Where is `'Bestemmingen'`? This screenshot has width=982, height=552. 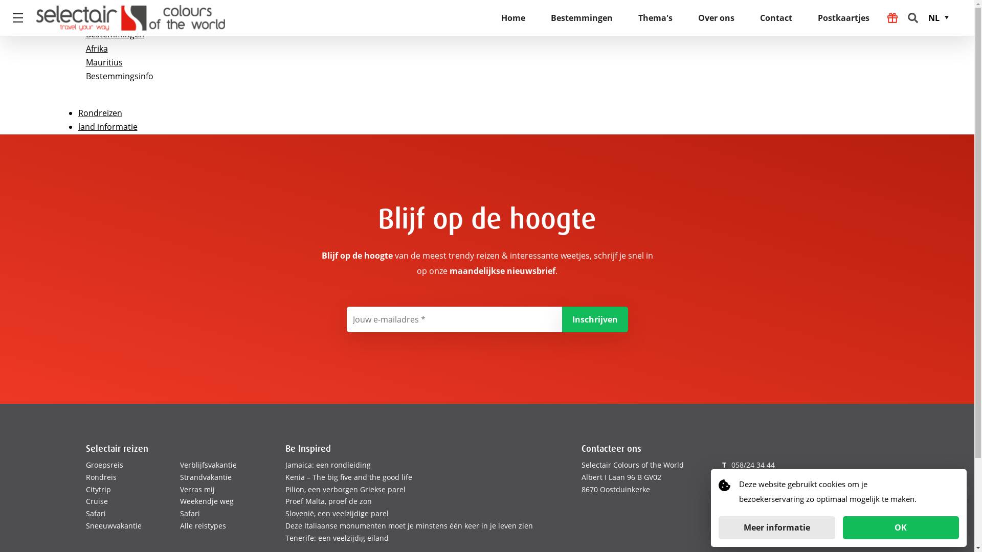
'Bestemmingen' is located at coordinates (582, 17).